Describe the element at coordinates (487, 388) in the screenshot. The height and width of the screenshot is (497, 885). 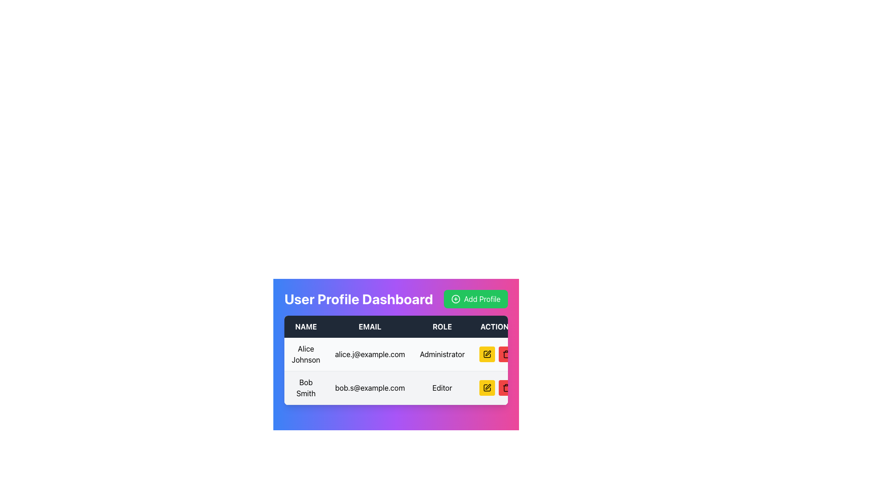
I see `the edit icon button represented as a pen or pencil icon in the ACTION column of the second user row next to Bob Smith's profile` at that location.